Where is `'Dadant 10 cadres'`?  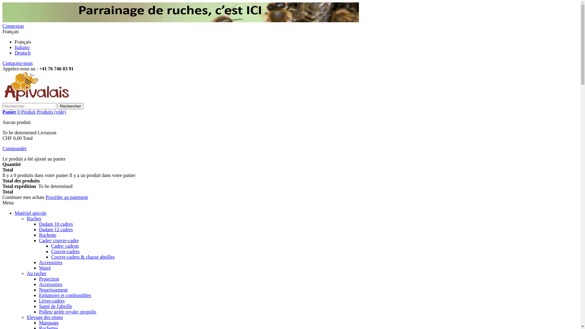
'Dadant 10 cadres' is located at coordinates (56, 224).